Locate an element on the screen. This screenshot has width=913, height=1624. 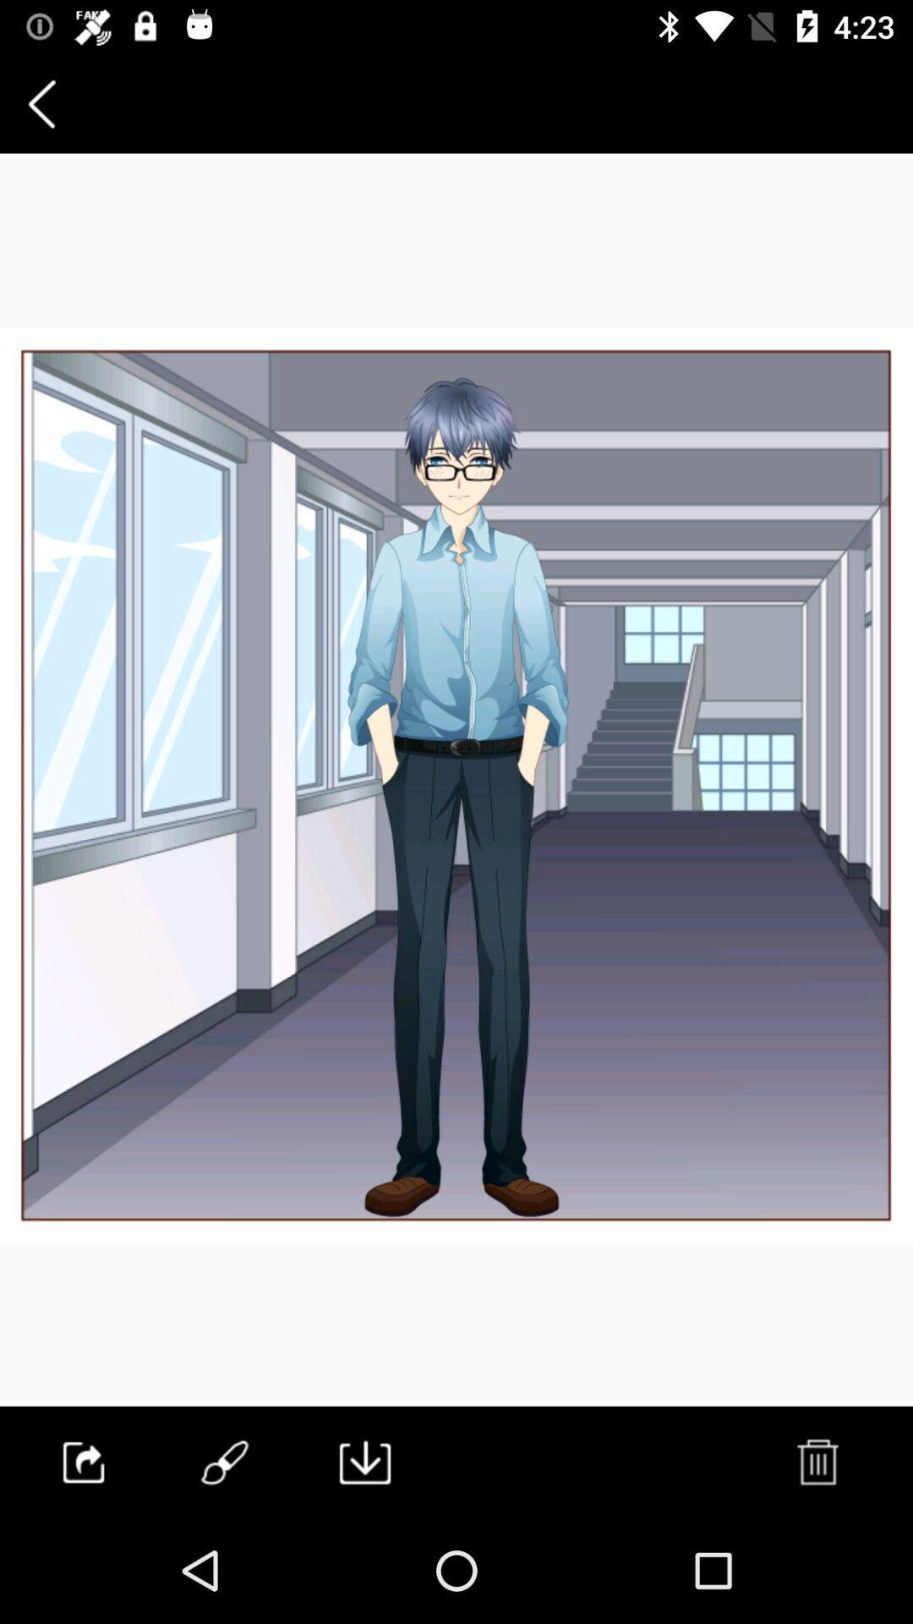
the arrow_backward icon is located at coordinates (41, 102).